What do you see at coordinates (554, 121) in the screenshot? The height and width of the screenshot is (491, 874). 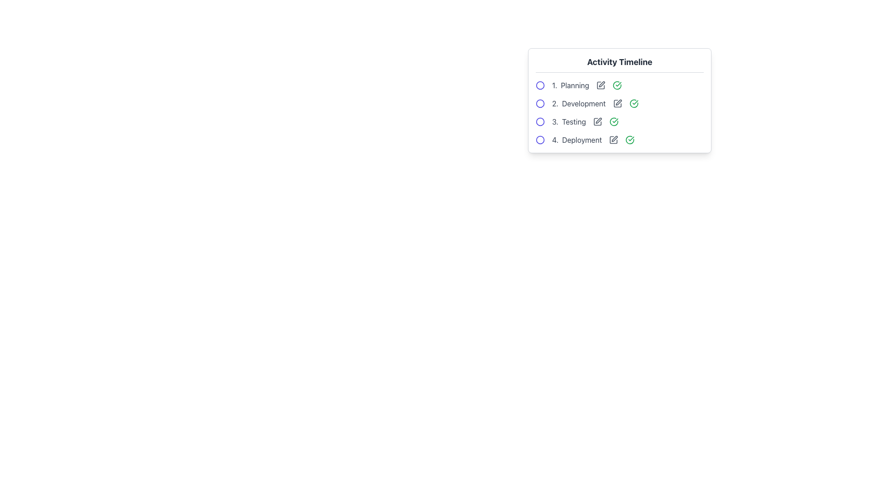 I see `the Text Label that serves as the index for the third entry in the activity timeline list, positioned between 'Development' and 'Deployment' with the text '3. Testing'` at bounding box center [554, 121].